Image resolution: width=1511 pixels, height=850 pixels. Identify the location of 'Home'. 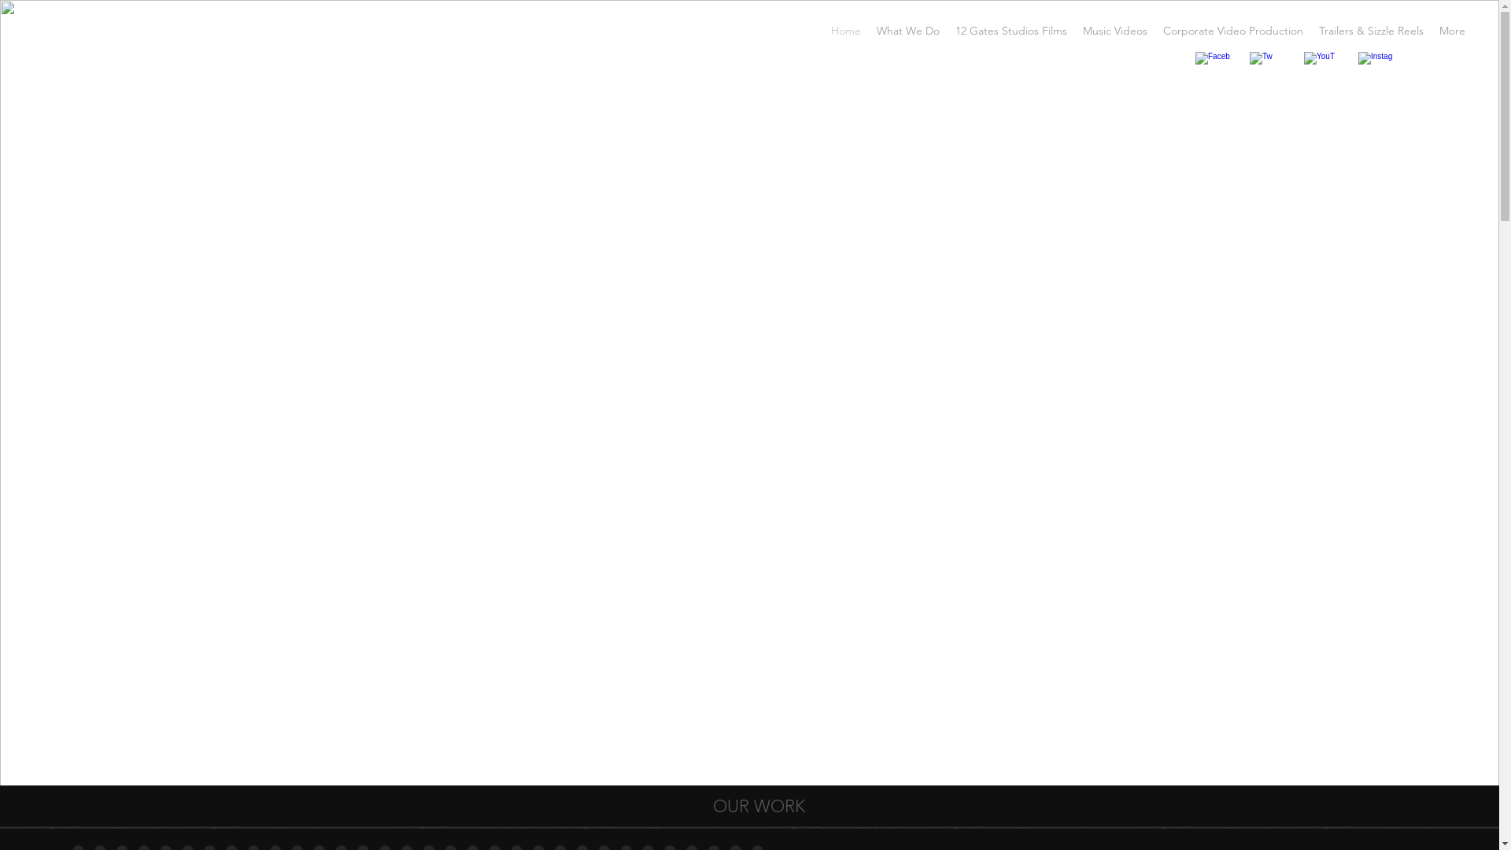
(845, 30).